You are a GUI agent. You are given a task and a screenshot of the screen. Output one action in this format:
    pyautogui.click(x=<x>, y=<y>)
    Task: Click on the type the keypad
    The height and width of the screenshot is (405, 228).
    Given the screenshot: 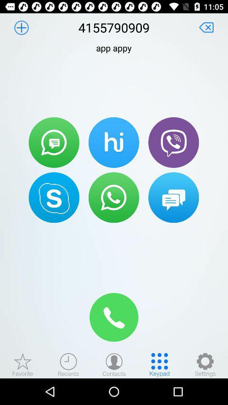 What is the action you would take?
    pyautogui.click(x=160, y=364)
    